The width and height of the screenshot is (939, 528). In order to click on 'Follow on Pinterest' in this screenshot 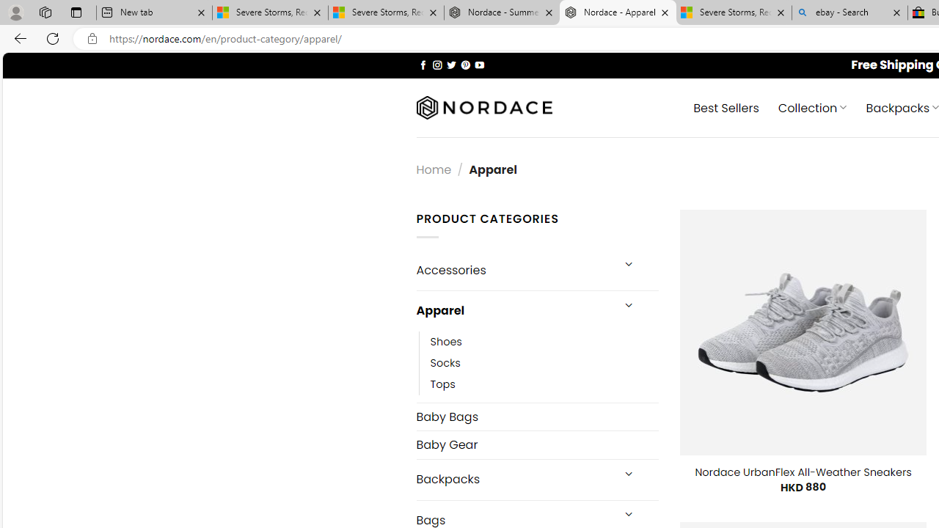, I will do `click(464, 64)`.